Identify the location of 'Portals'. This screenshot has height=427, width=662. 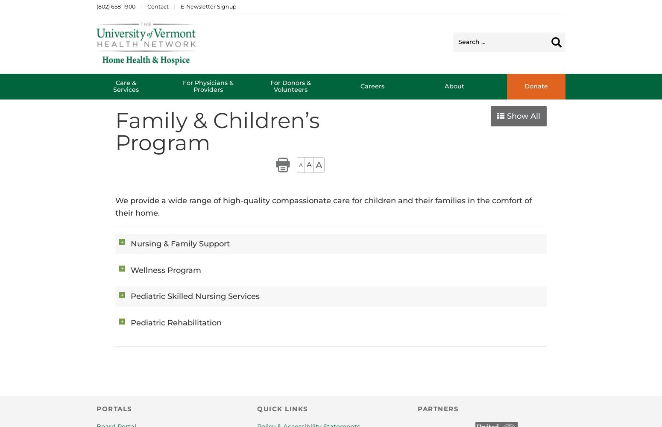
(96, 408).